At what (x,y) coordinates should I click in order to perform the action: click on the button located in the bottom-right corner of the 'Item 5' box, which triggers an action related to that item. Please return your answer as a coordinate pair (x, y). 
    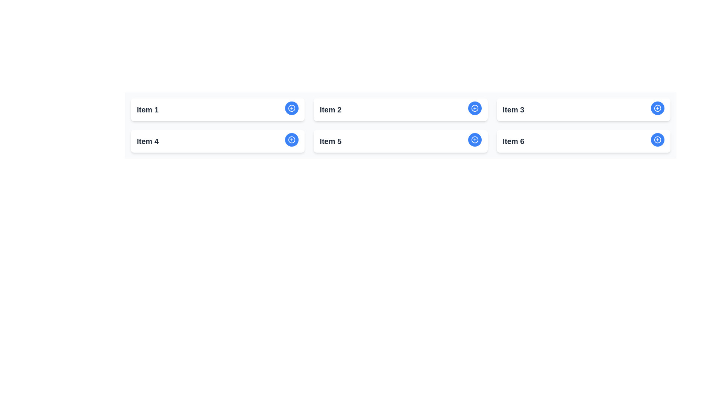
    Looking at the image, I should click on (474, 139).